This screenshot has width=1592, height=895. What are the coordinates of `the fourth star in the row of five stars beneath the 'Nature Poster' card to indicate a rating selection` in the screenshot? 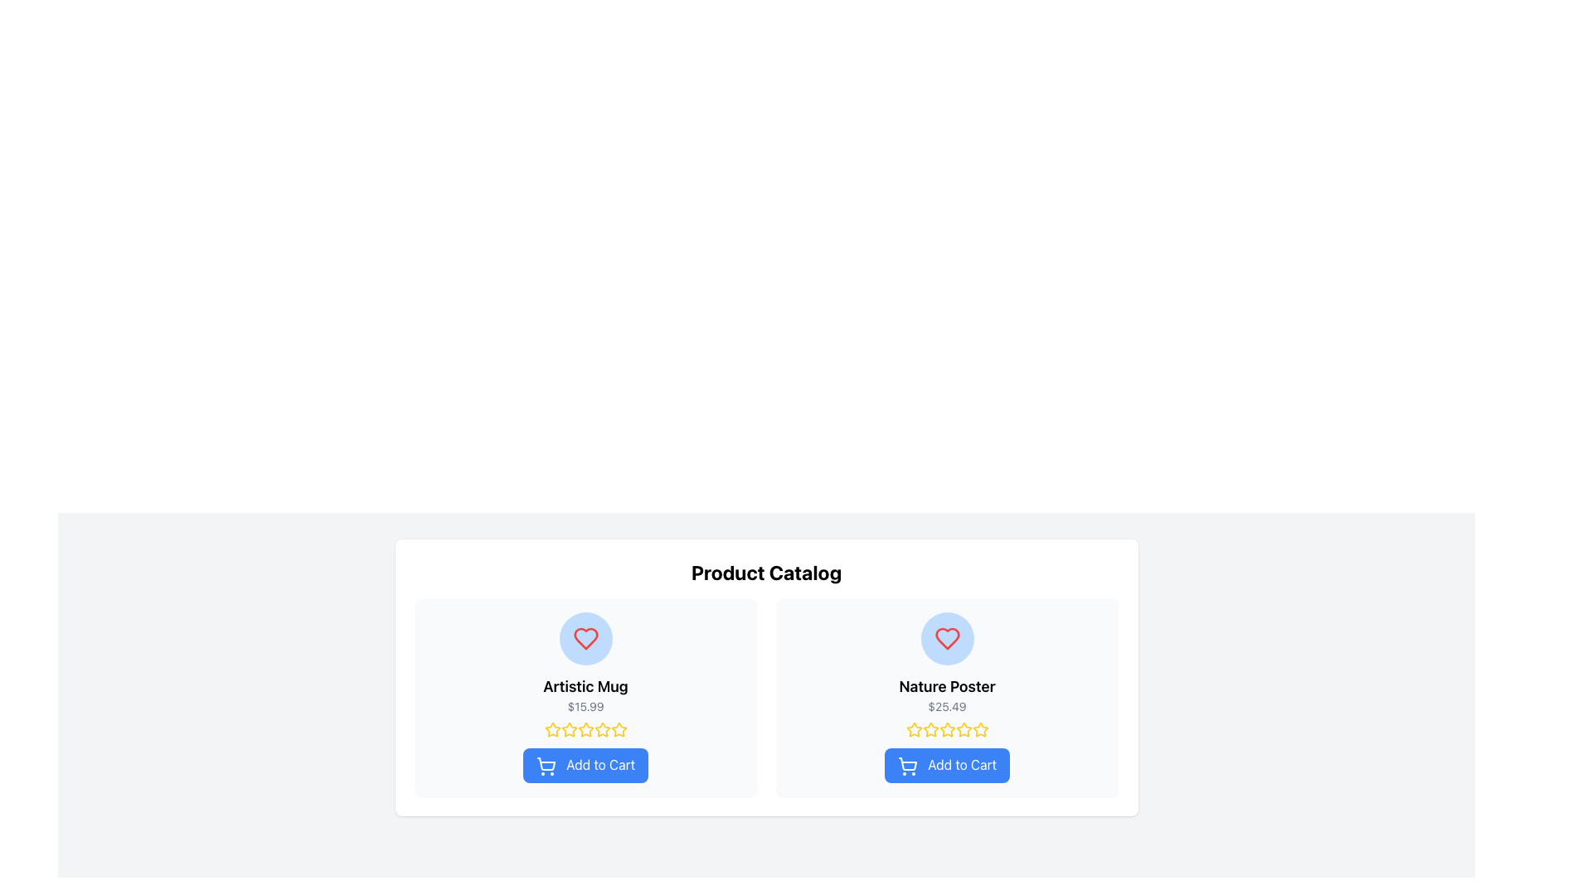 It's located at (947, 728).